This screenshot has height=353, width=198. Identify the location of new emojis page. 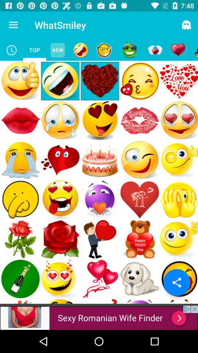
(57, 50).